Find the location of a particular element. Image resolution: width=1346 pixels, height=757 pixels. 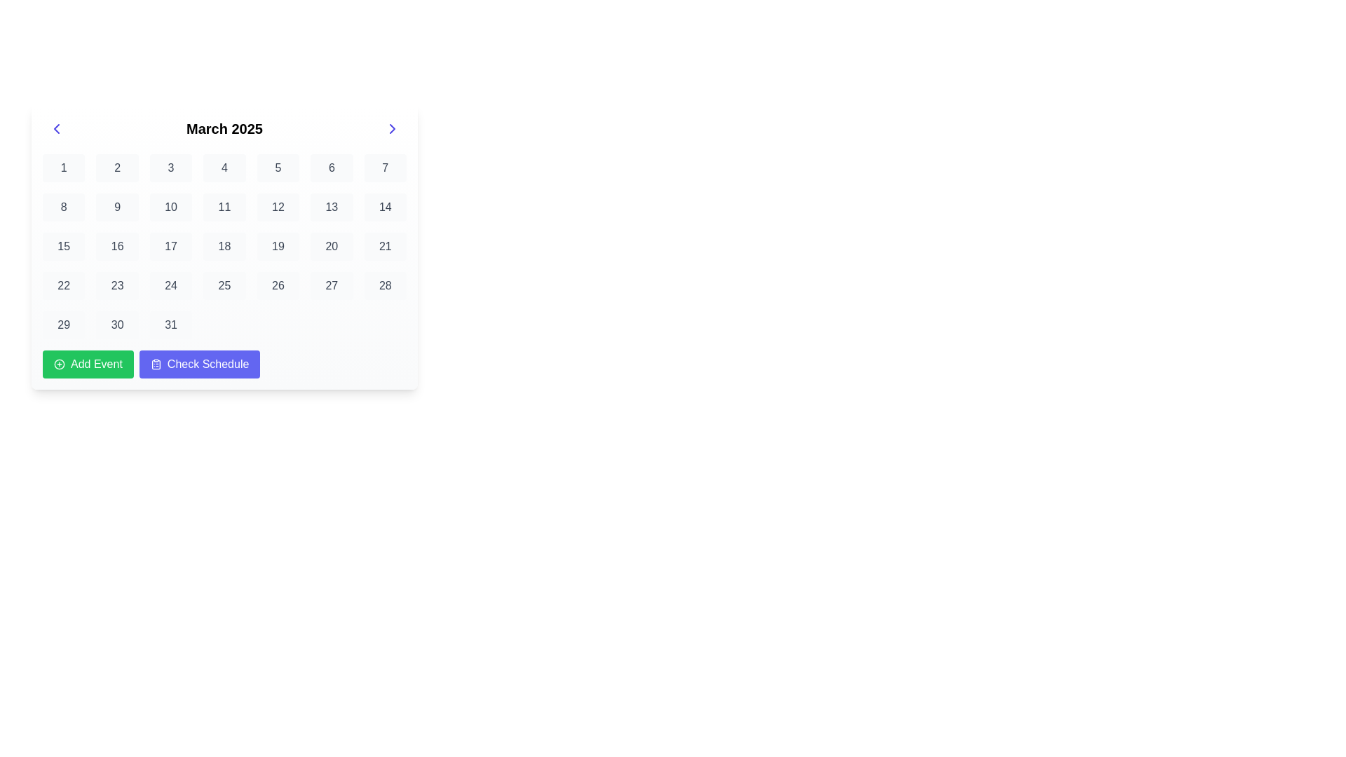

the navigation button to move to the previous month in the calendar view, positioned to the left of the 'March 2025' text is located at coordinates (56, 129).